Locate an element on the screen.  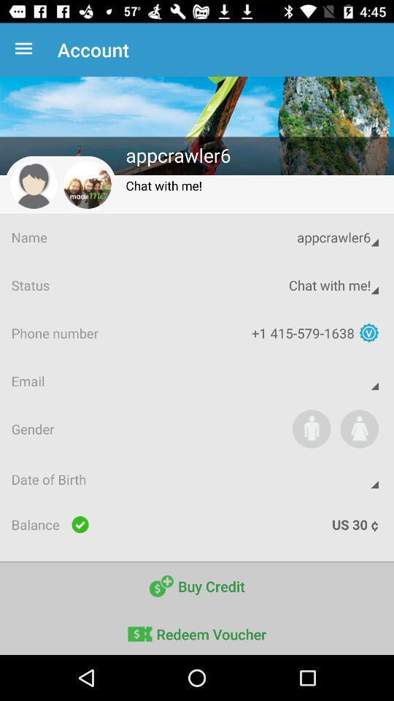
to join the vebsite is located at coordinates (311, 429).